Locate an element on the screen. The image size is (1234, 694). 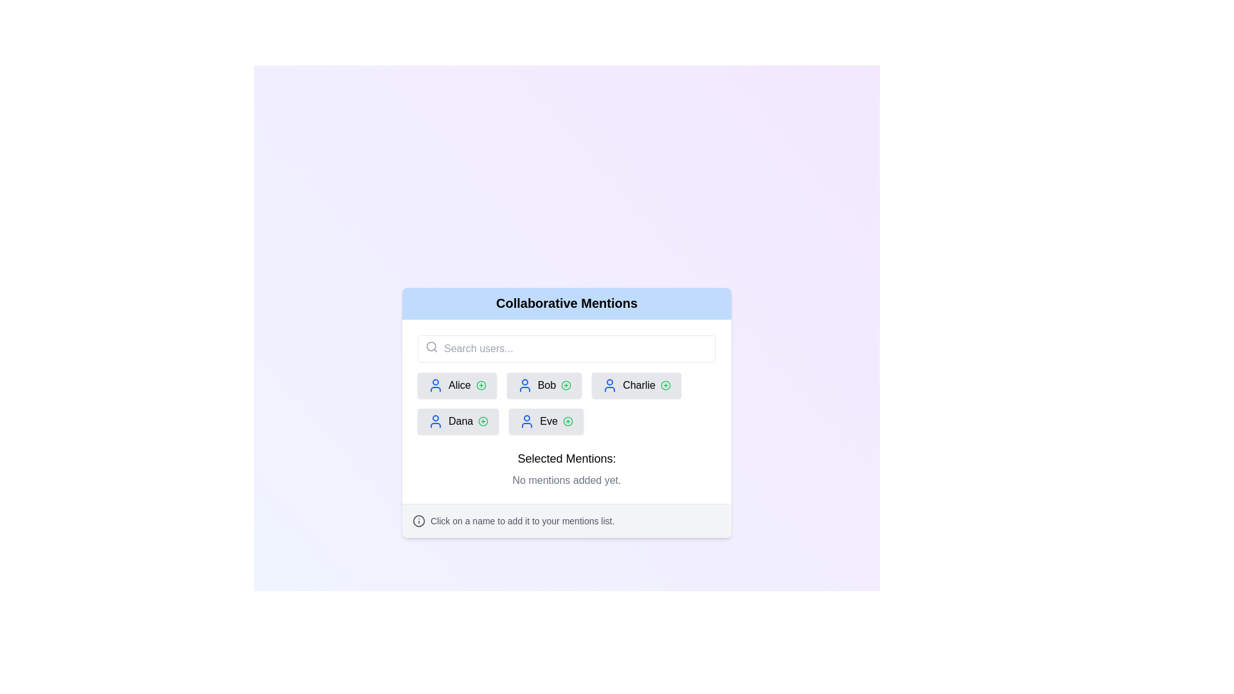
the user profile icon for 'Alice', which is located within the button labeled 'Alice' in the mentions interface is located at coordinates (435, 384).